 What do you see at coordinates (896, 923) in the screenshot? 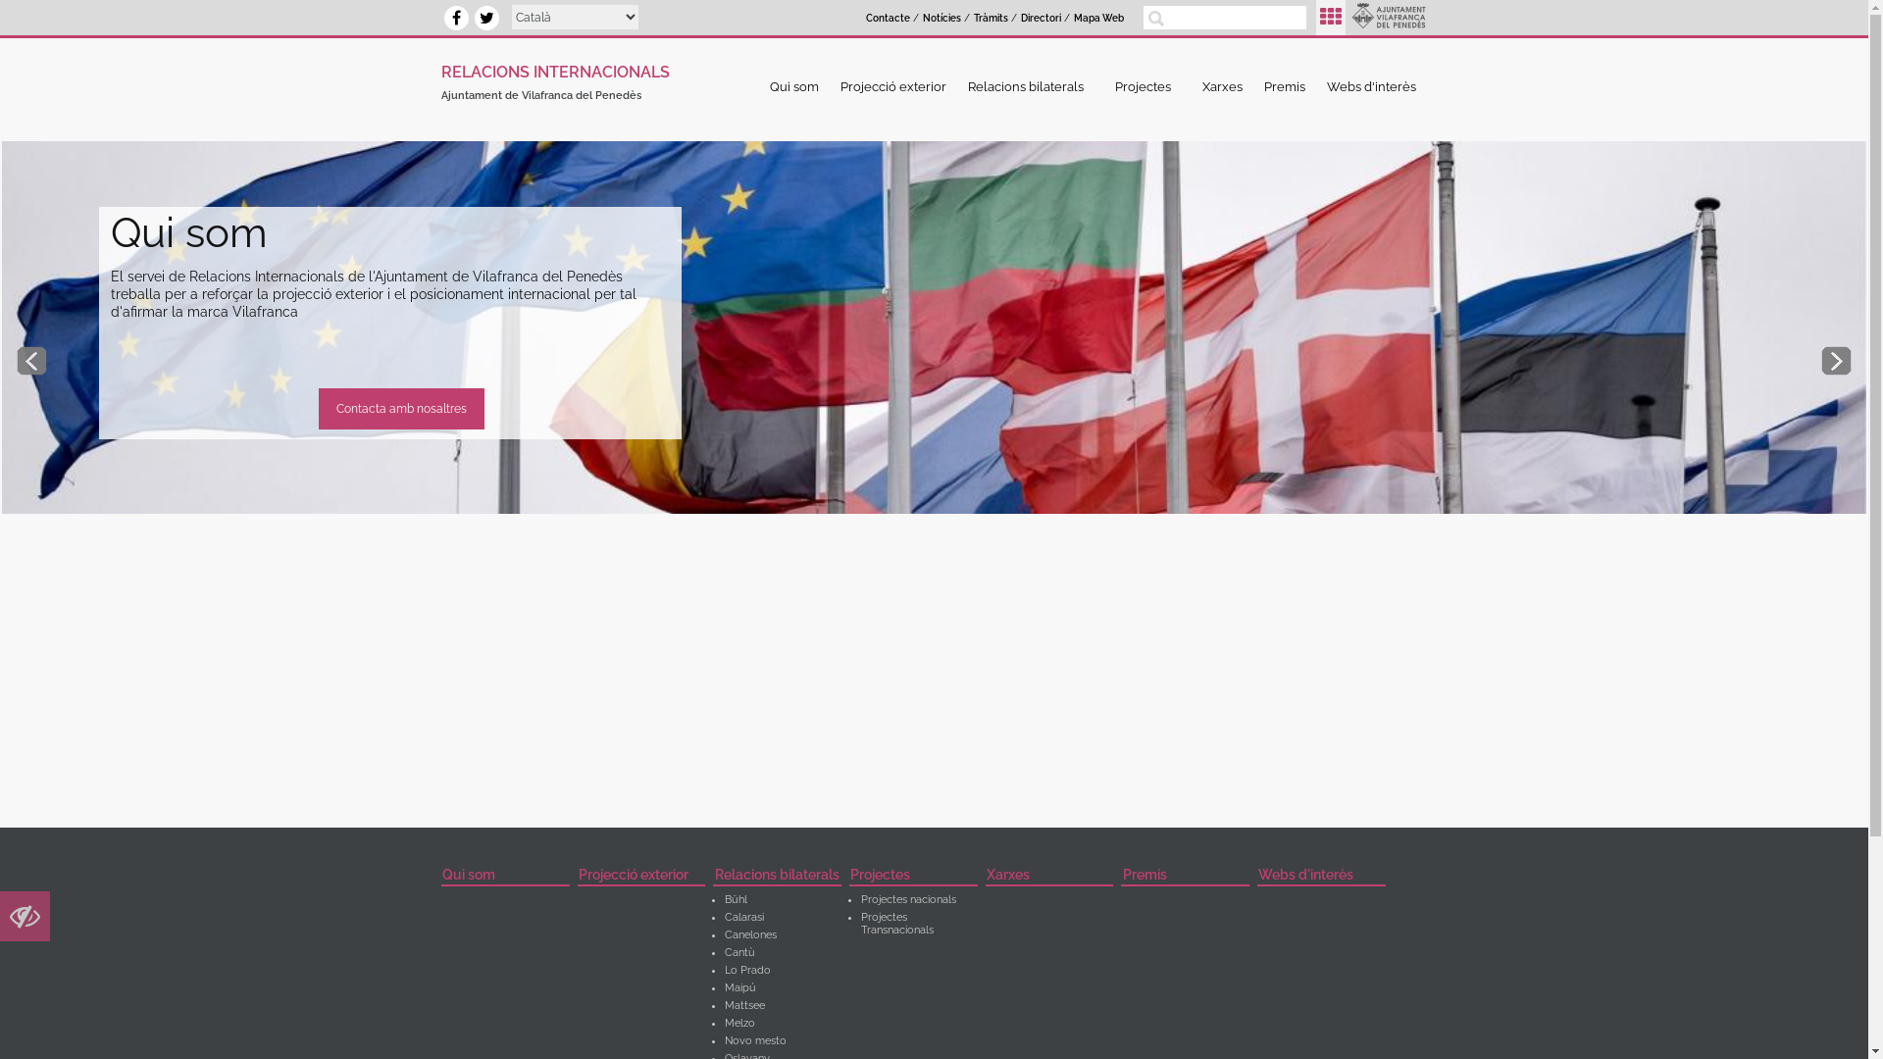
I see `'Projectes Transnacionals'` at bounding box center [896, 923].